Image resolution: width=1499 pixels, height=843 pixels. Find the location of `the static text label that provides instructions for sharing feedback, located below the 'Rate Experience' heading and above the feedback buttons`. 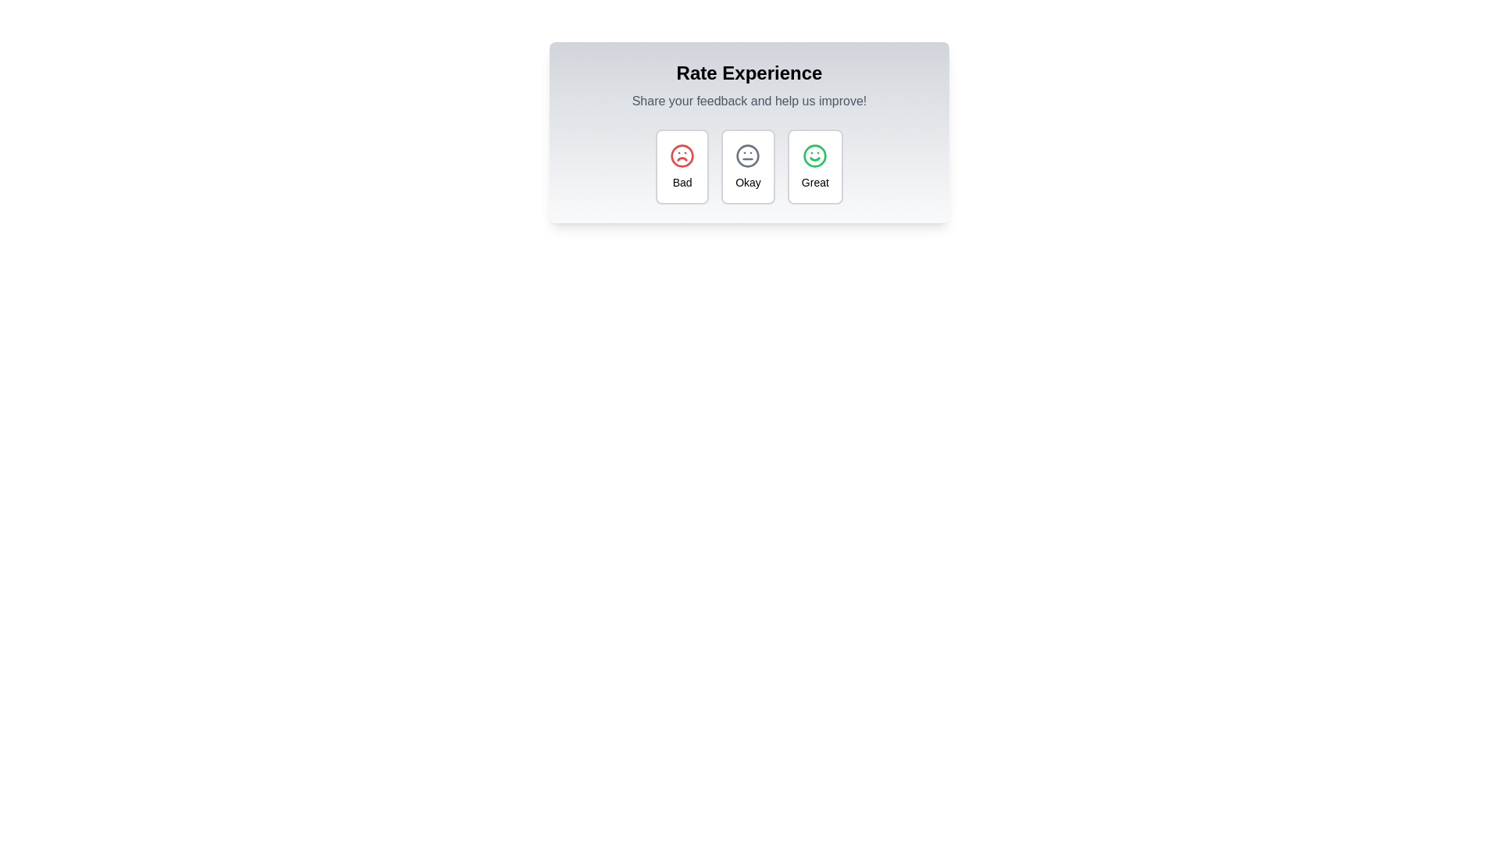

the static text label that provides instructions for sharing feedback, located below the 'Rate Experience' heading and above the feedback buttons is located at coordinates (749, 101).